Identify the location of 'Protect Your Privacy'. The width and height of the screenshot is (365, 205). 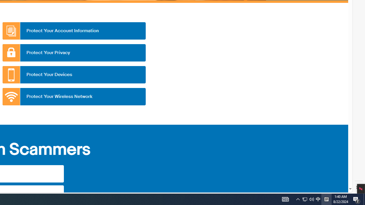
(74, 53).